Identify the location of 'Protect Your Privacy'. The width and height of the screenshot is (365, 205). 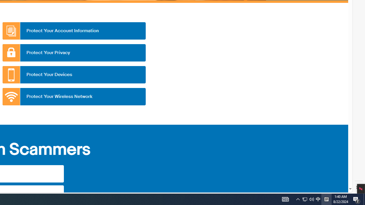
(74, 53).